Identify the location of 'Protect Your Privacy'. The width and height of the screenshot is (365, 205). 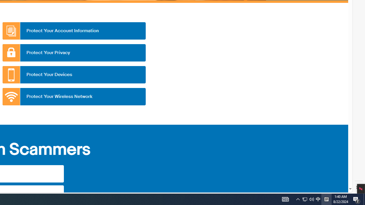
(74, 53).